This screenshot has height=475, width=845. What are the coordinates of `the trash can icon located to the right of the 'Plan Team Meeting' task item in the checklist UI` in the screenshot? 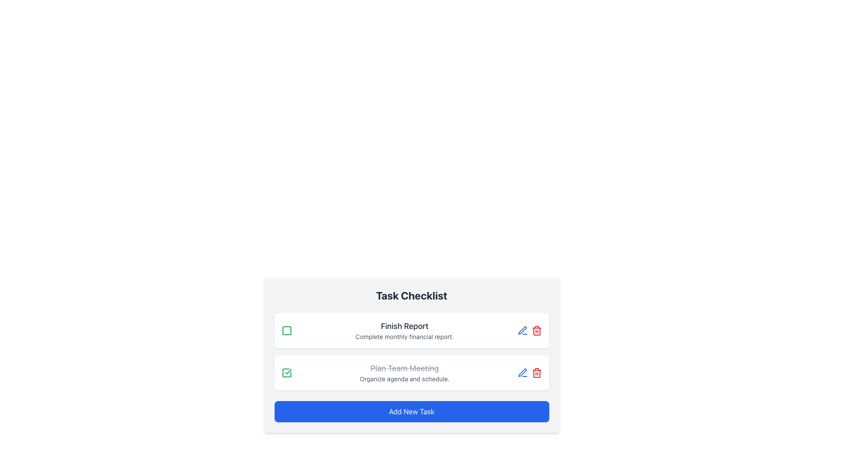 It's located at (536, 331).